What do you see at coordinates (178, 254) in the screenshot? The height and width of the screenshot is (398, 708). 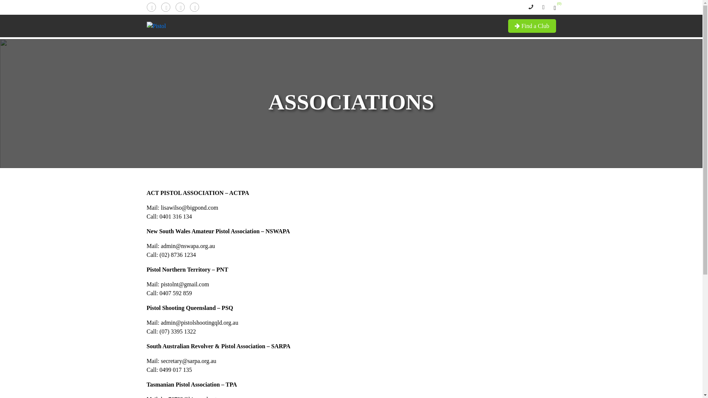 I see `'(02) 8736 1234'` at bounding box center [178, 254].